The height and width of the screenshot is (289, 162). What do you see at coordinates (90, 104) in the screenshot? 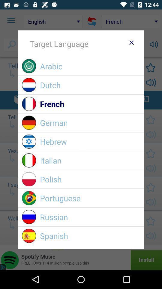
I see `the item above the german item` at bounding box center [90, 104].